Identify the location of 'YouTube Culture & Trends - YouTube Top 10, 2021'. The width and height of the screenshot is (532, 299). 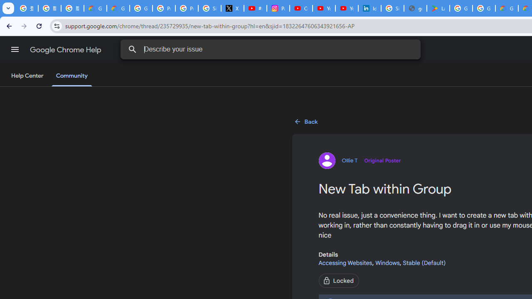
(346, 8).